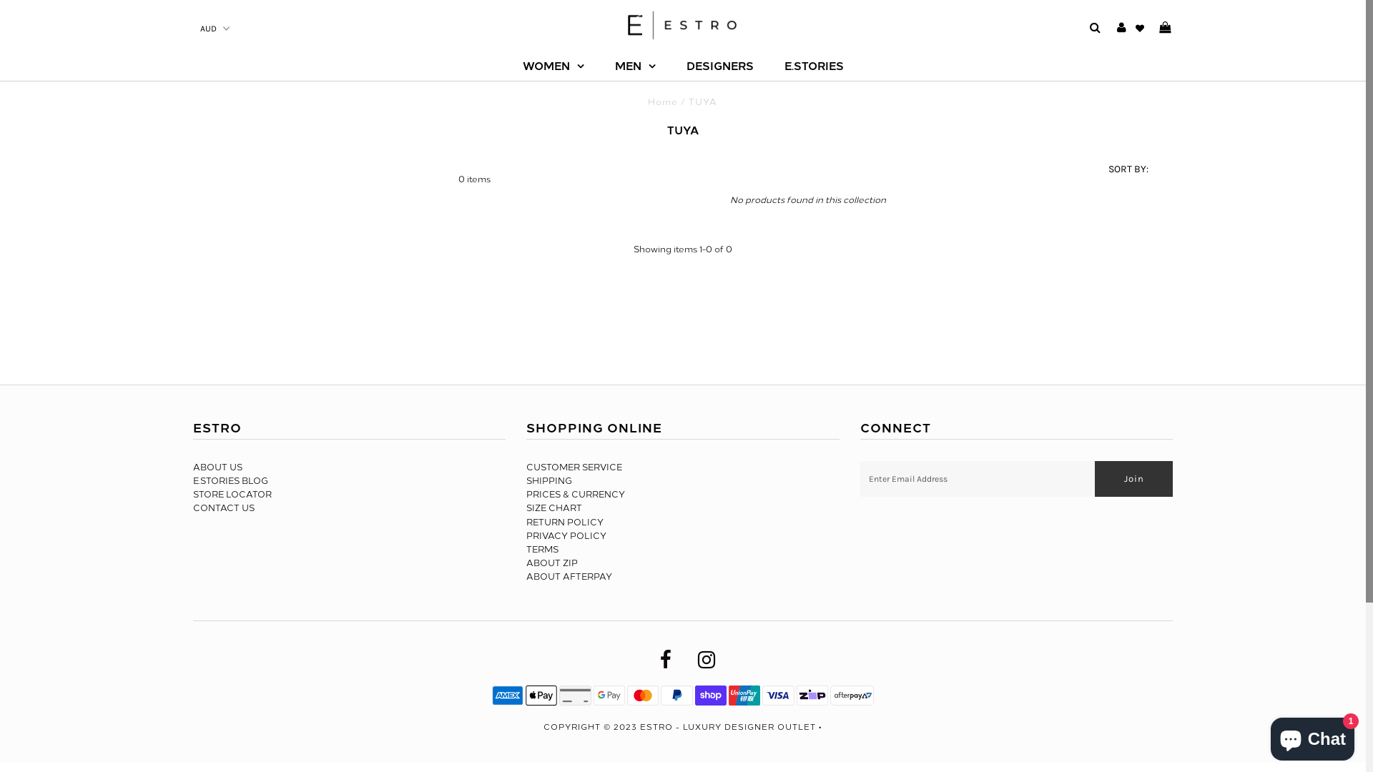 The width and height of the screenshot is (1373, 772). What do you see at coordinates (639, 727) in the screenshot?
I see `'ESTRO - LUXURY DESIGNER OUTLET'` at bounding box center [639, 727].